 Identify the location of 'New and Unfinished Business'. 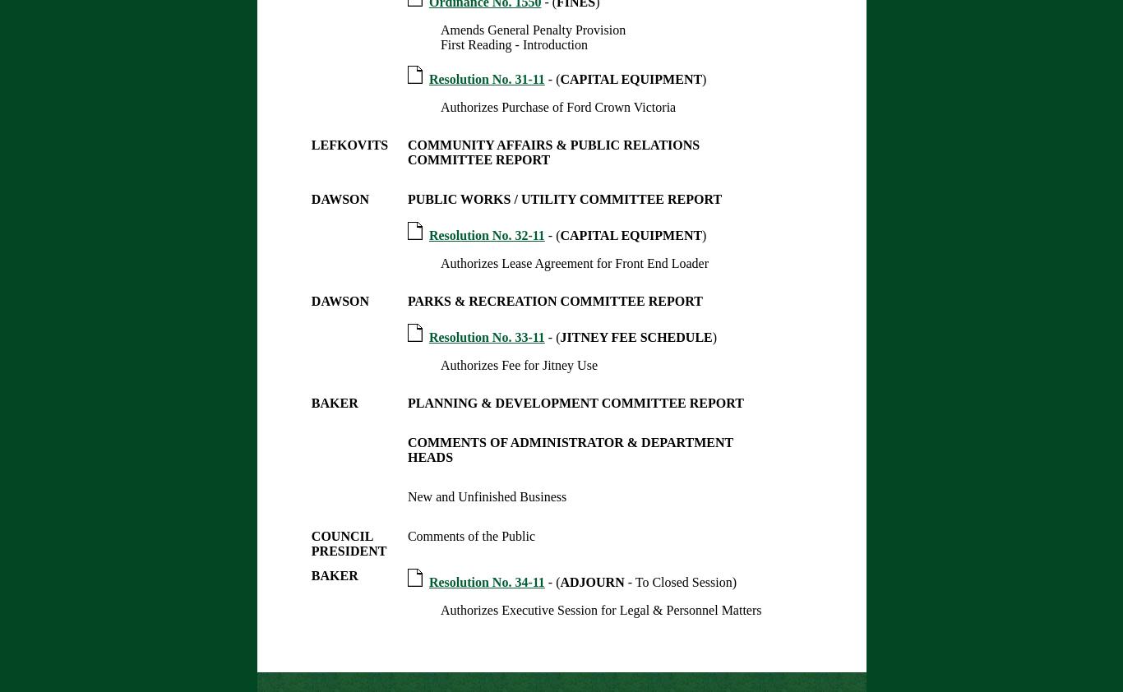
(486, 496).